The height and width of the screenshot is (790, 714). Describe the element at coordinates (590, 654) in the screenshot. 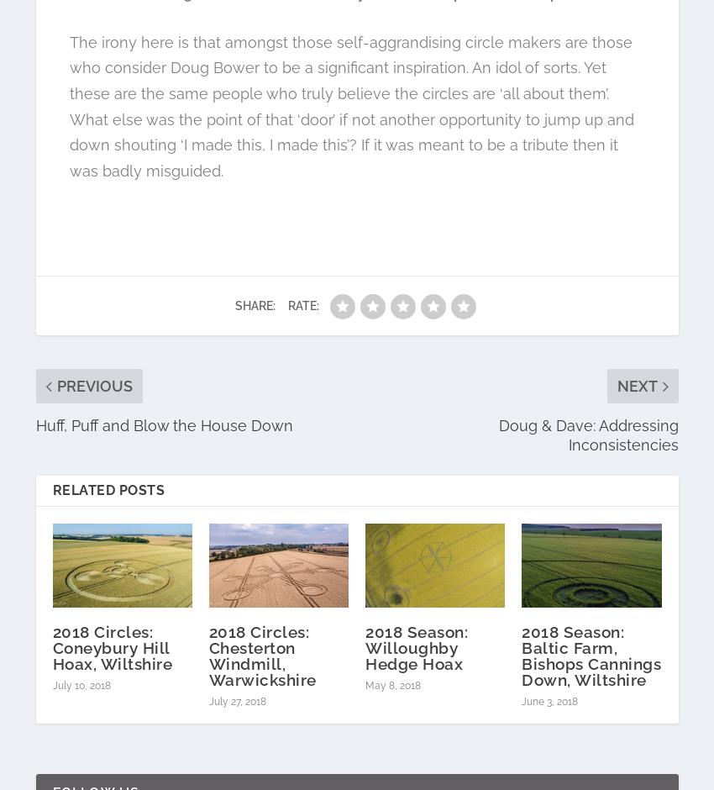

I see `'2018 Season: Baltic Farm, Bishops Cannings Down, Wiltshire'` at that location.